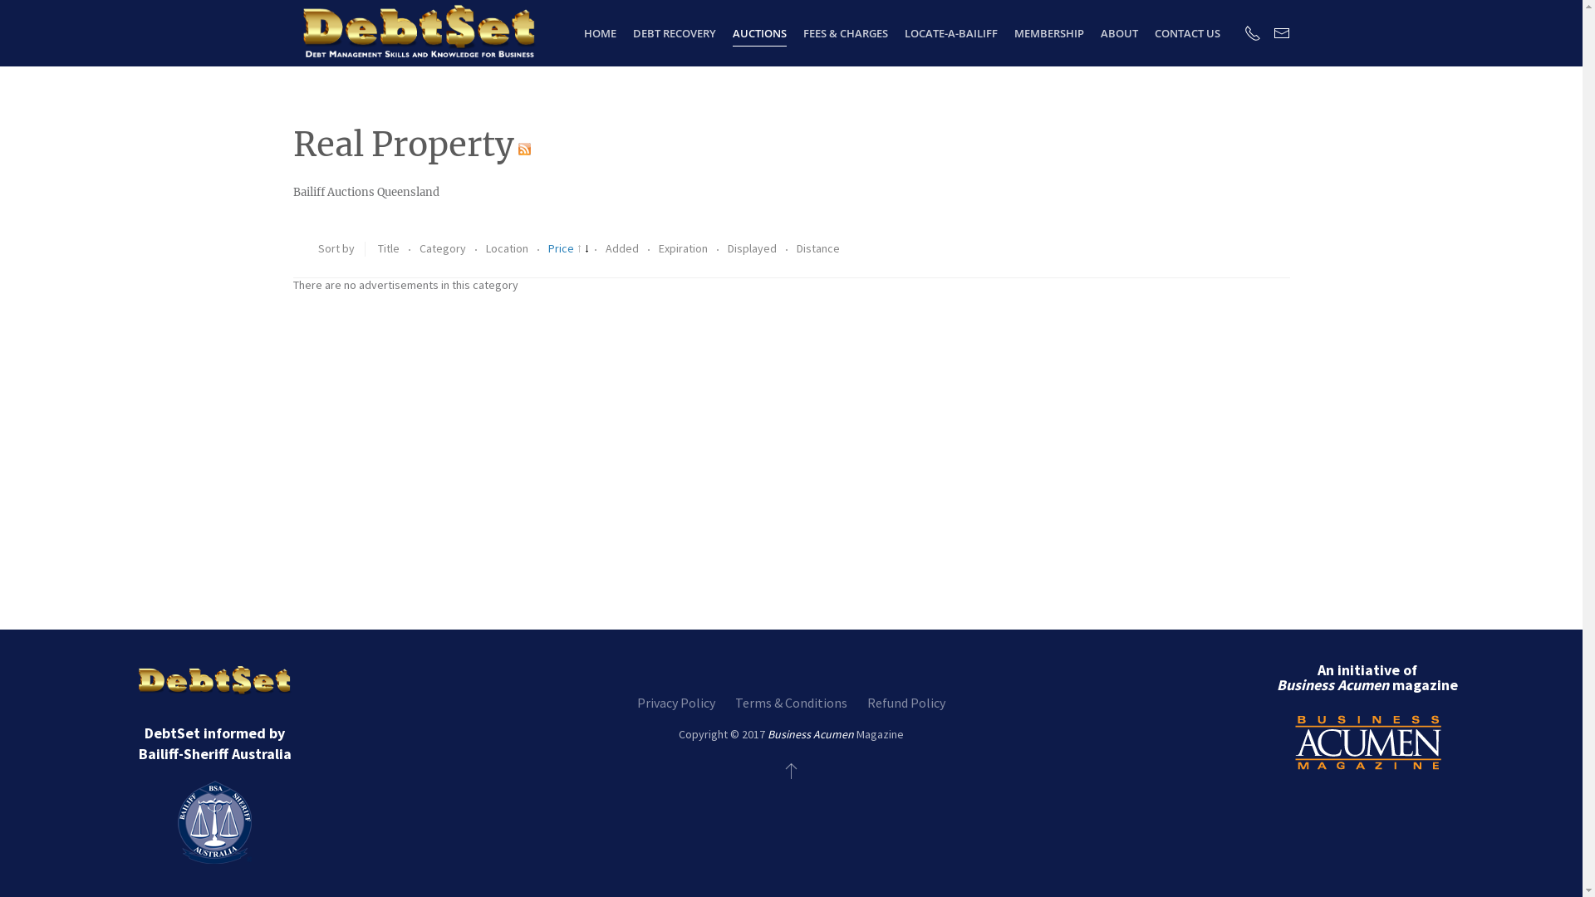 This screenshot has height=897, width=1595. Describe the element at coordinates (292, 191) in the screenshot. I see `'Bailiff Auctions Queensland'` at that location.